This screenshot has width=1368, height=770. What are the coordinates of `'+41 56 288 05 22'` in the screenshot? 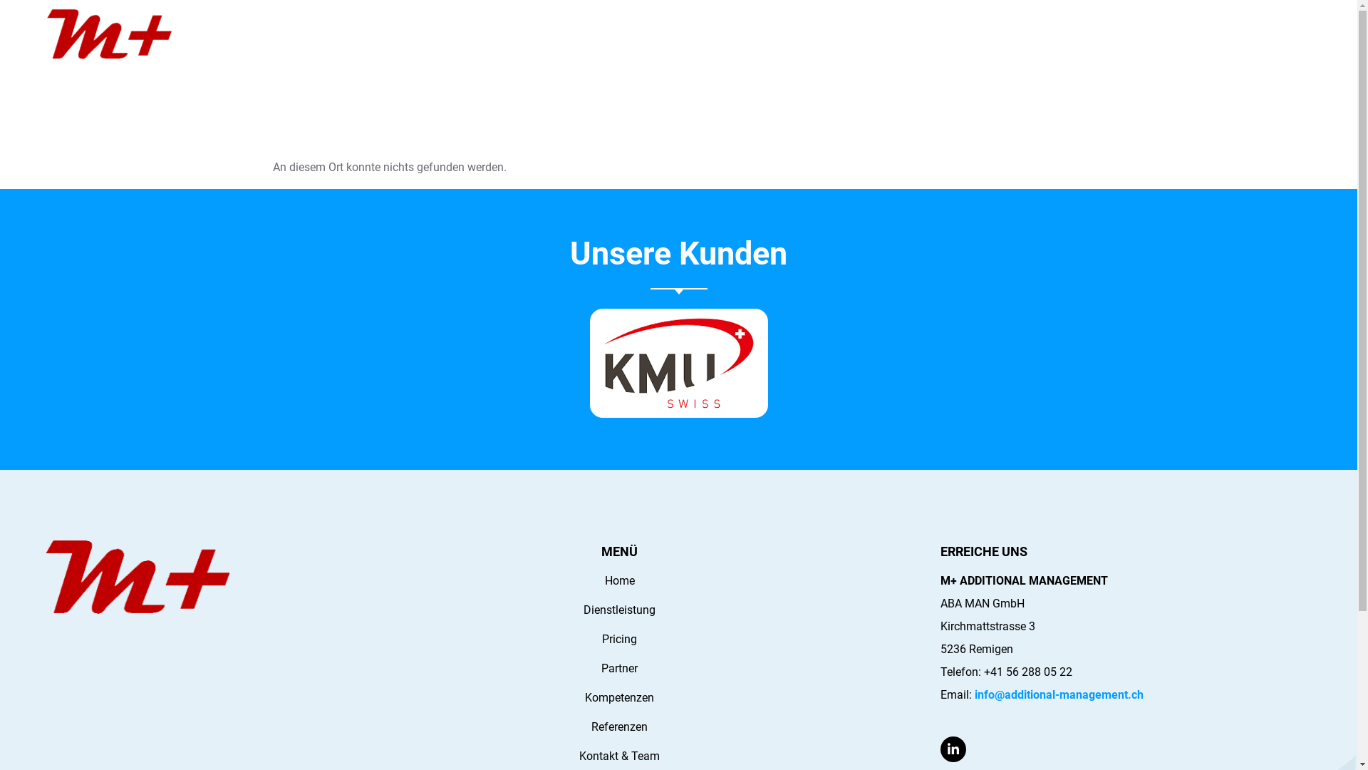 It's located at (1028, 672).